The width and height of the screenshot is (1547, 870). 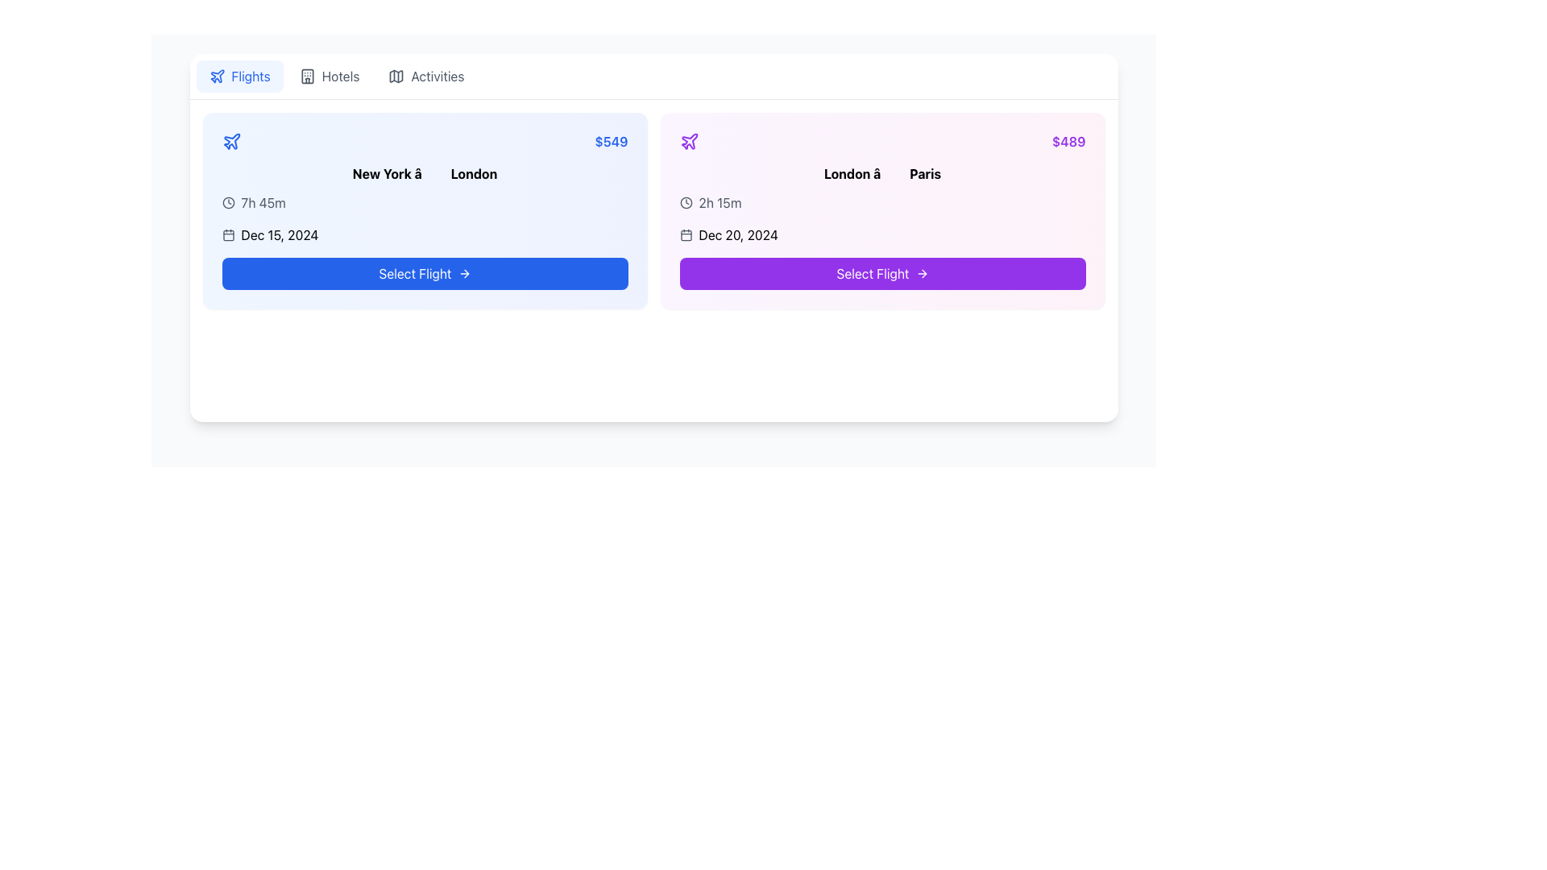 What do you see at coordinates (438, 77) in the screenshot?
I see `the non-interactive text label located in the top navigation bar, positioned to the right of the 'Hotels' element` at bounding box center [438, 77].